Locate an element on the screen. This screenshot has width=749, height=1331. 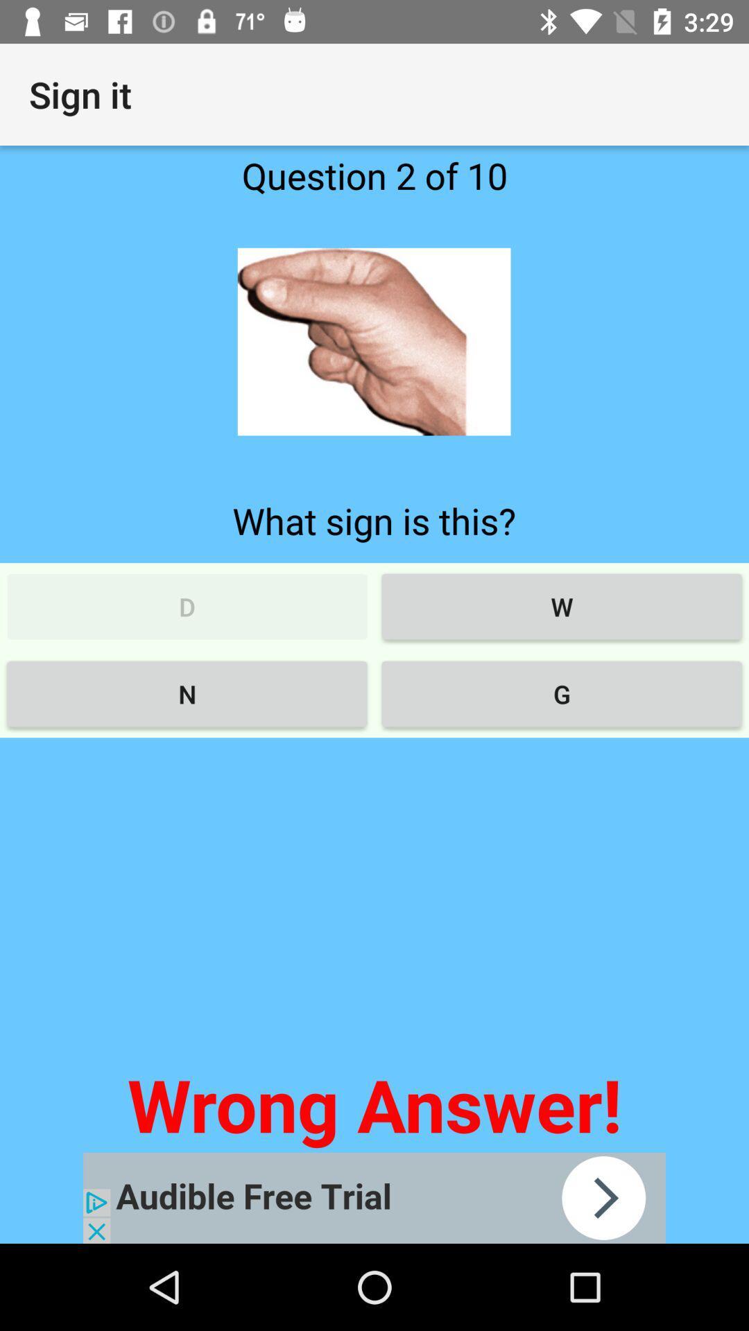
next button is located at coordinates (374, 1197).